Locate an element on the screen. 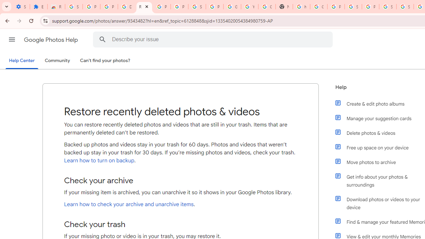 This screenshot has height=239, width=425. 'Extensions' is located at coordinates (38, 7).